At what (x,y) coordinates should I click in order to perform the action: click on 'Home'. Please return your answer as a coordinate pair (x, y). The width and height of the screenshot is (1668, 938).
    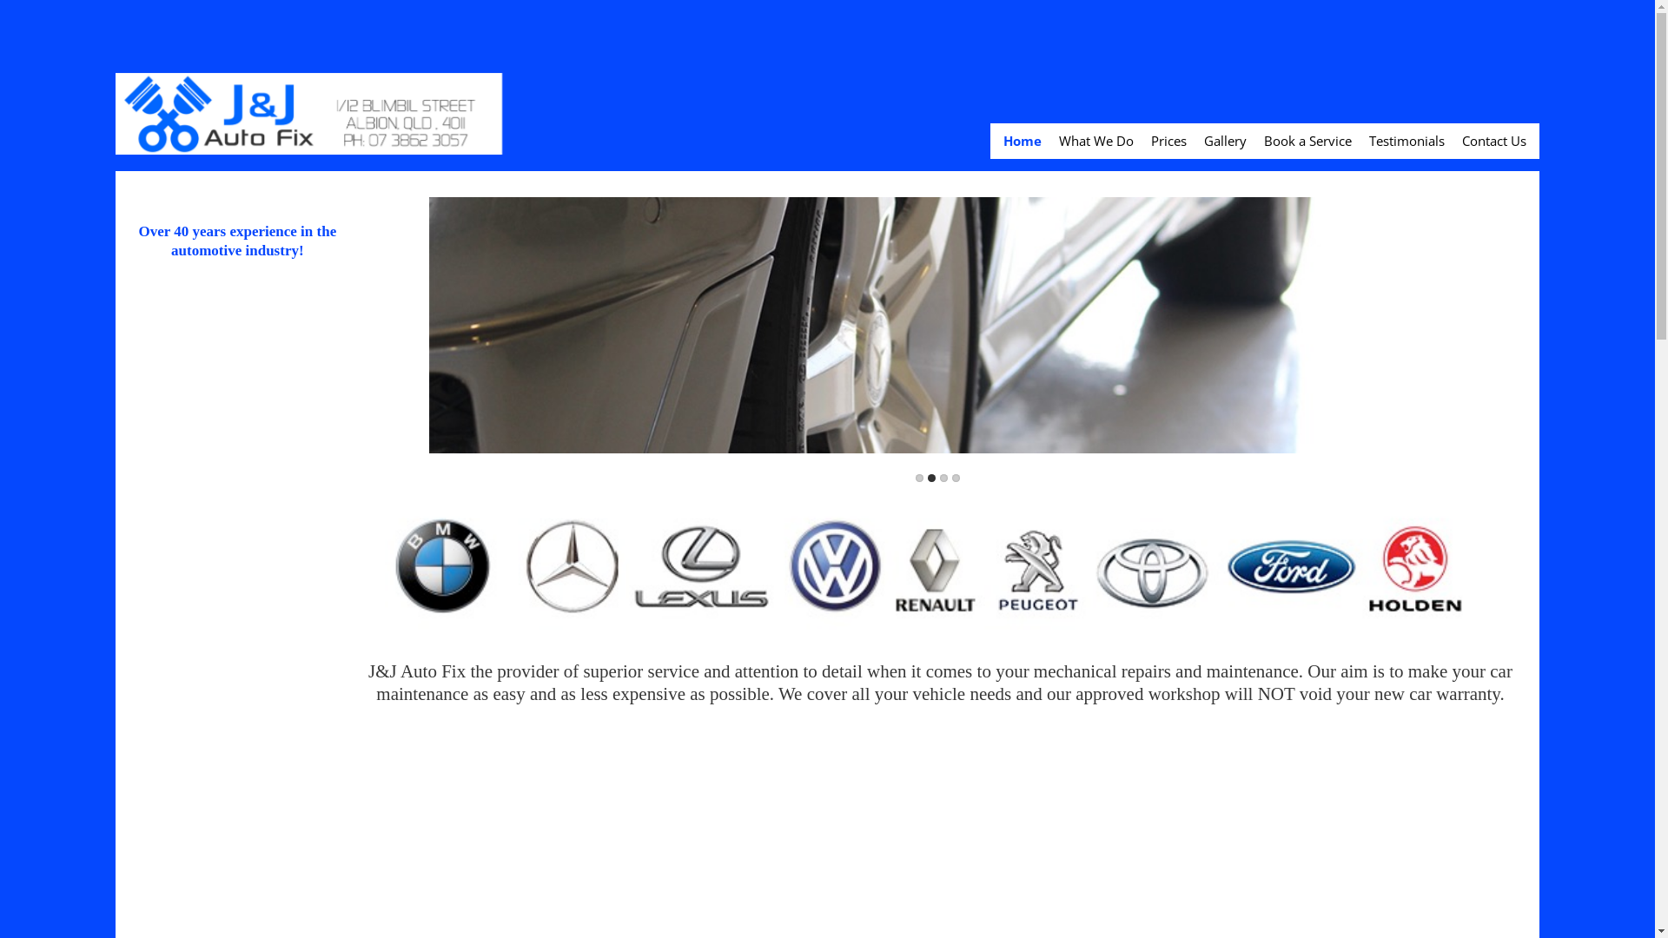
    Looking at the image, I should click on (1022, 140).